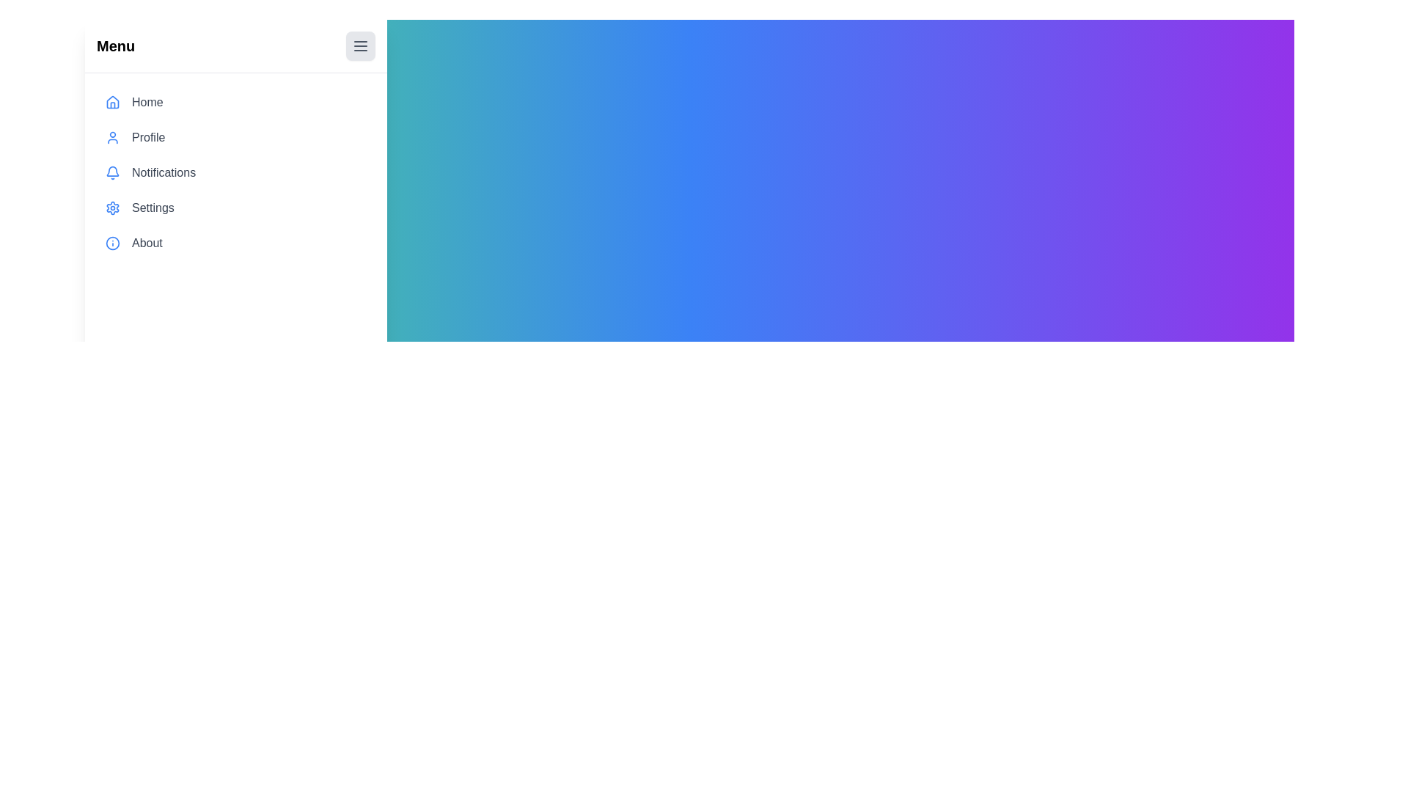  What do you see at coordinates (236, 101) in the screenshot?
I see `the menu item Home` at bounding box center [236, 101].